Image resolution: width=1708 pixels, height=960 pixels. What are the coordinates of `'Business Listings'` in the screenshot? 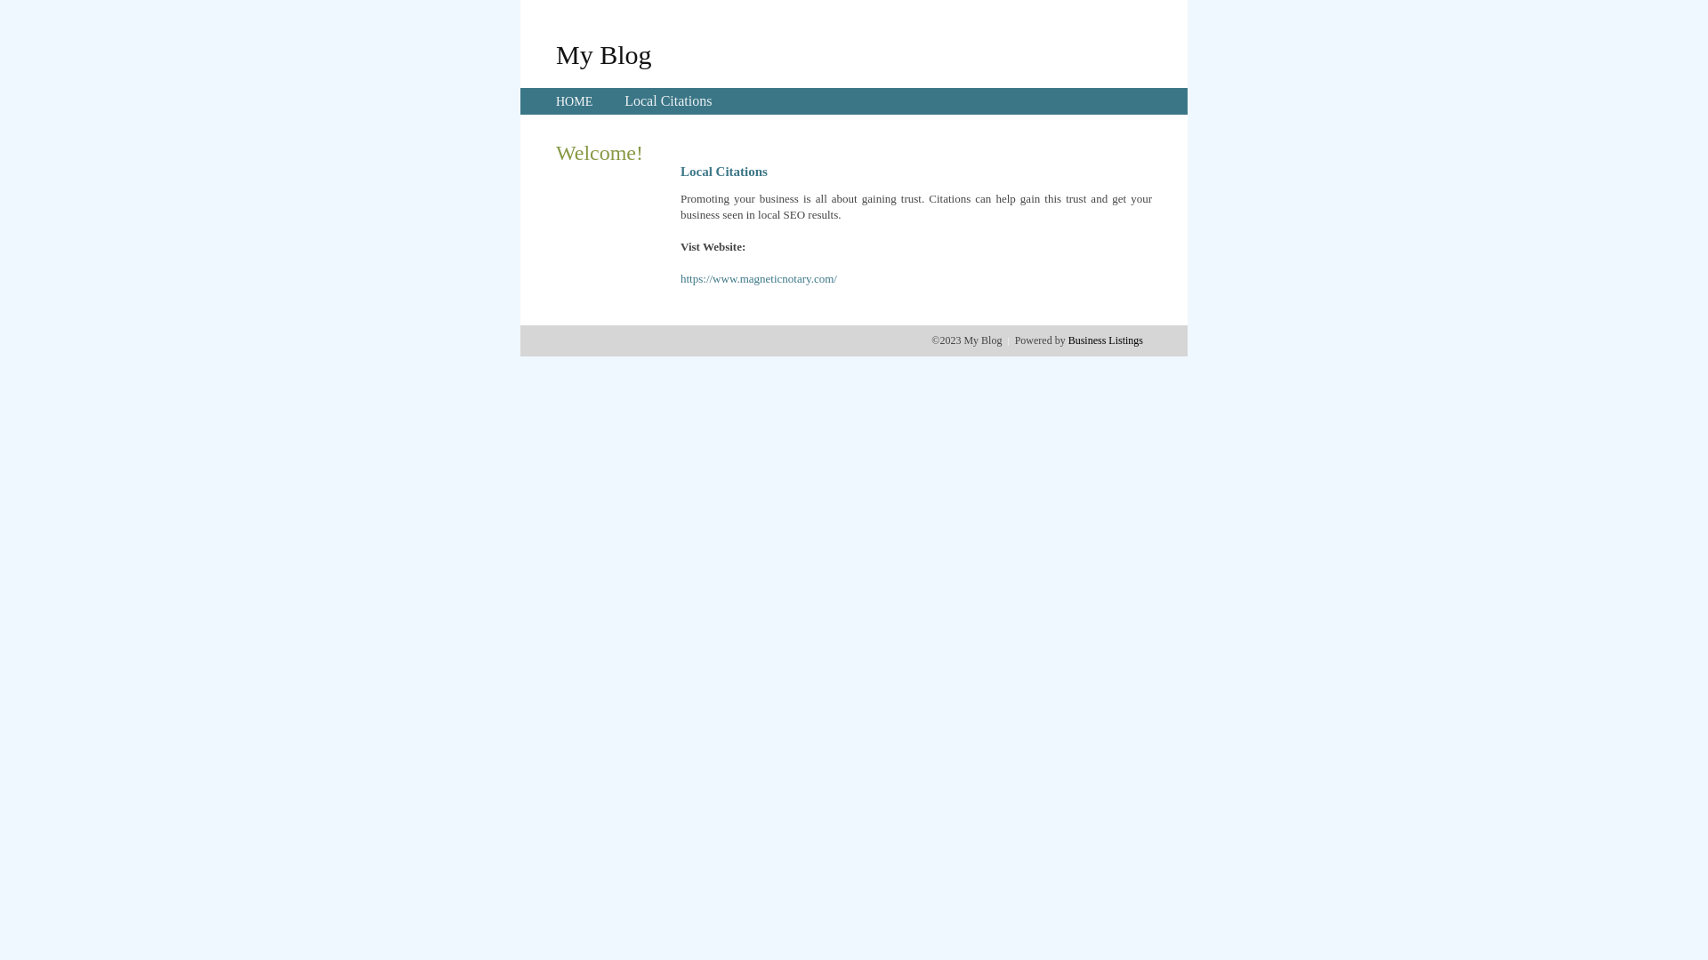 It's located at (1105, 340).